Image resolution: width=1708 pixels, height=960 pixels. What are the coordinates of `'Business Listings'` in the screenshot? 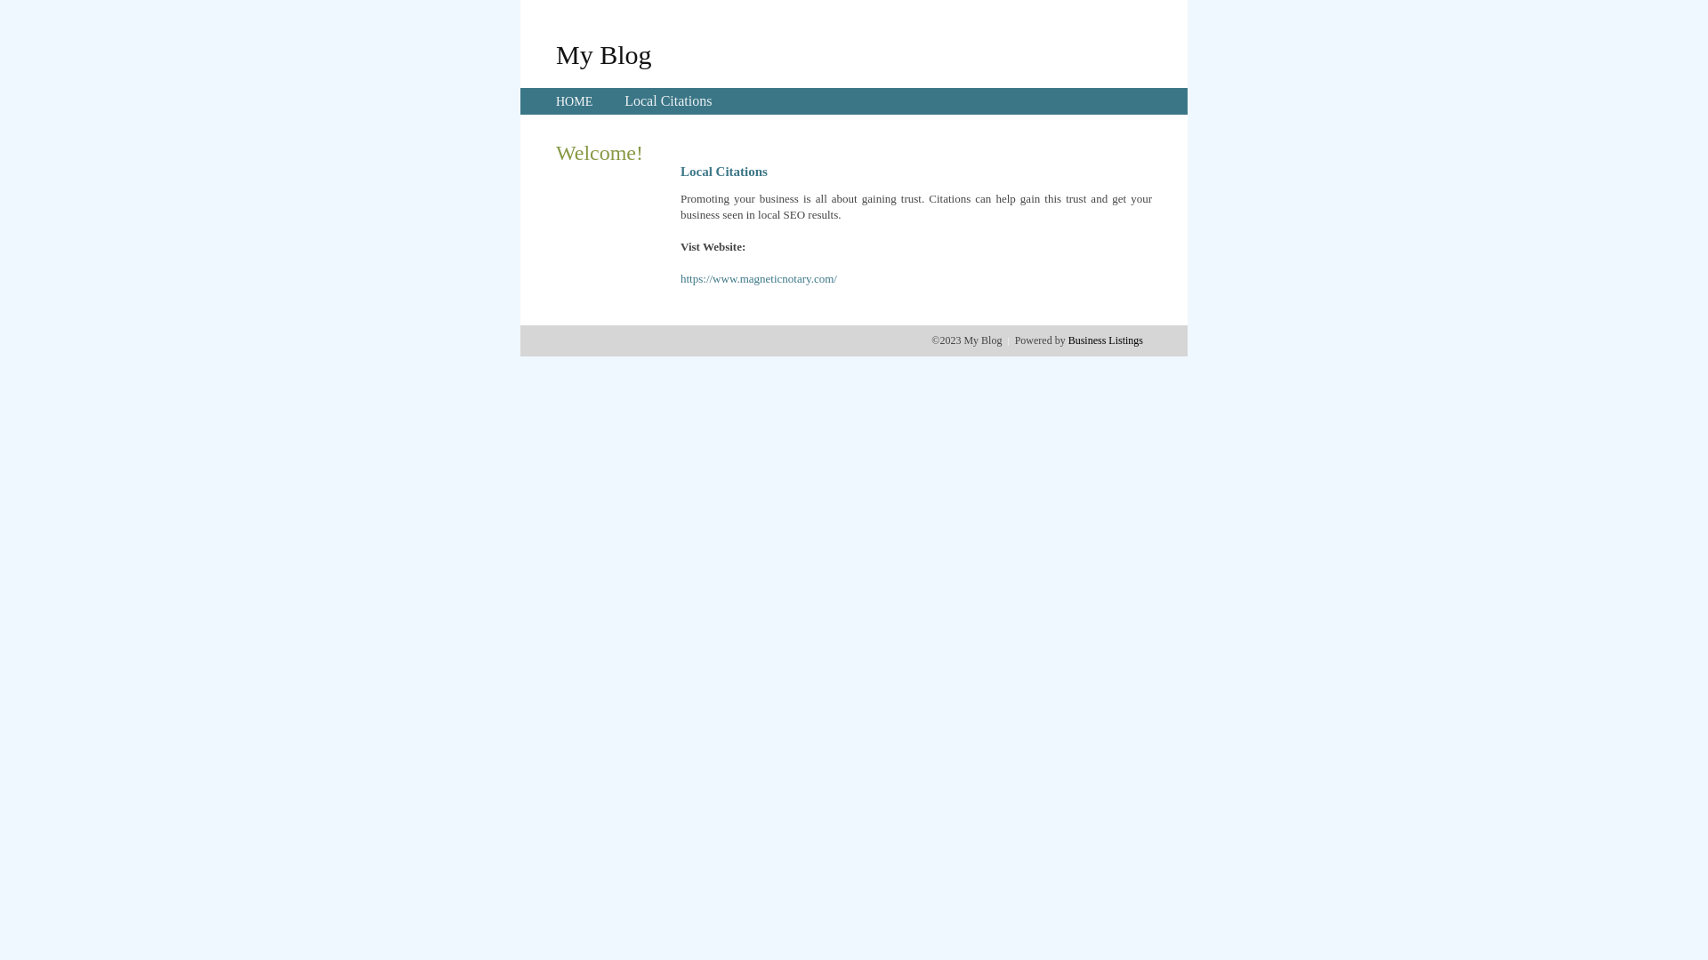 It's located at (1105, 340).